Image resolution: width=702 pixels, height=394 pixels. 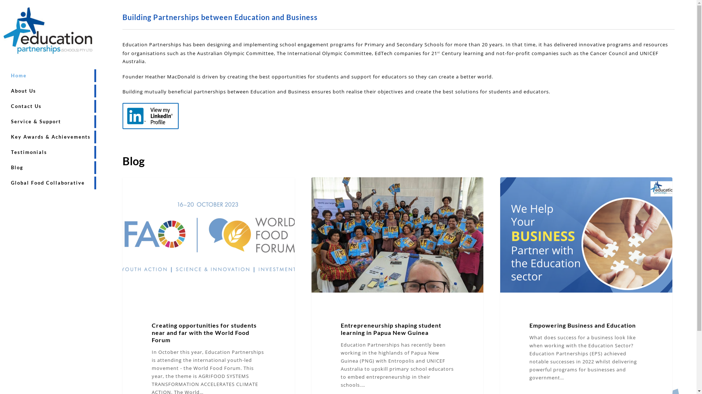 I want to click on 'Contact Us', so click(x=26, y=106).